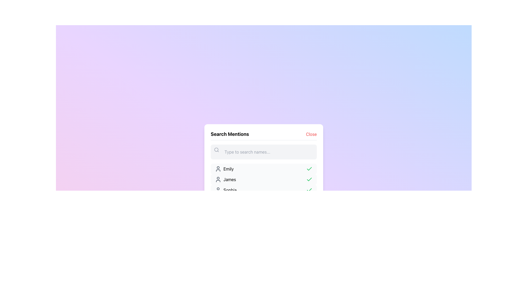 The height and width of the screenshot is (286, 509). I want to click on the 'Search Mentions' text label, which is styled in bold and larger font at the top left of the panel, to check if tooltips appear, so click(230, 134).